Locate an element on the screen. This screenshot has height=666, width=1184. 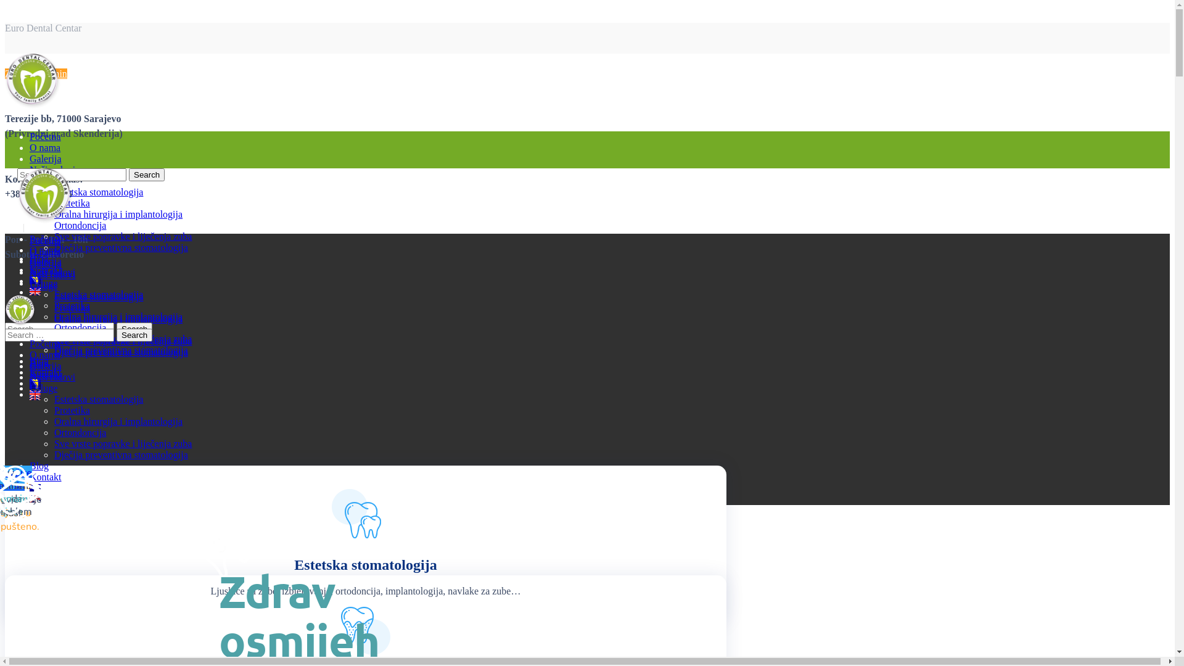
'Galerija' is located at coordinates (45, 158).